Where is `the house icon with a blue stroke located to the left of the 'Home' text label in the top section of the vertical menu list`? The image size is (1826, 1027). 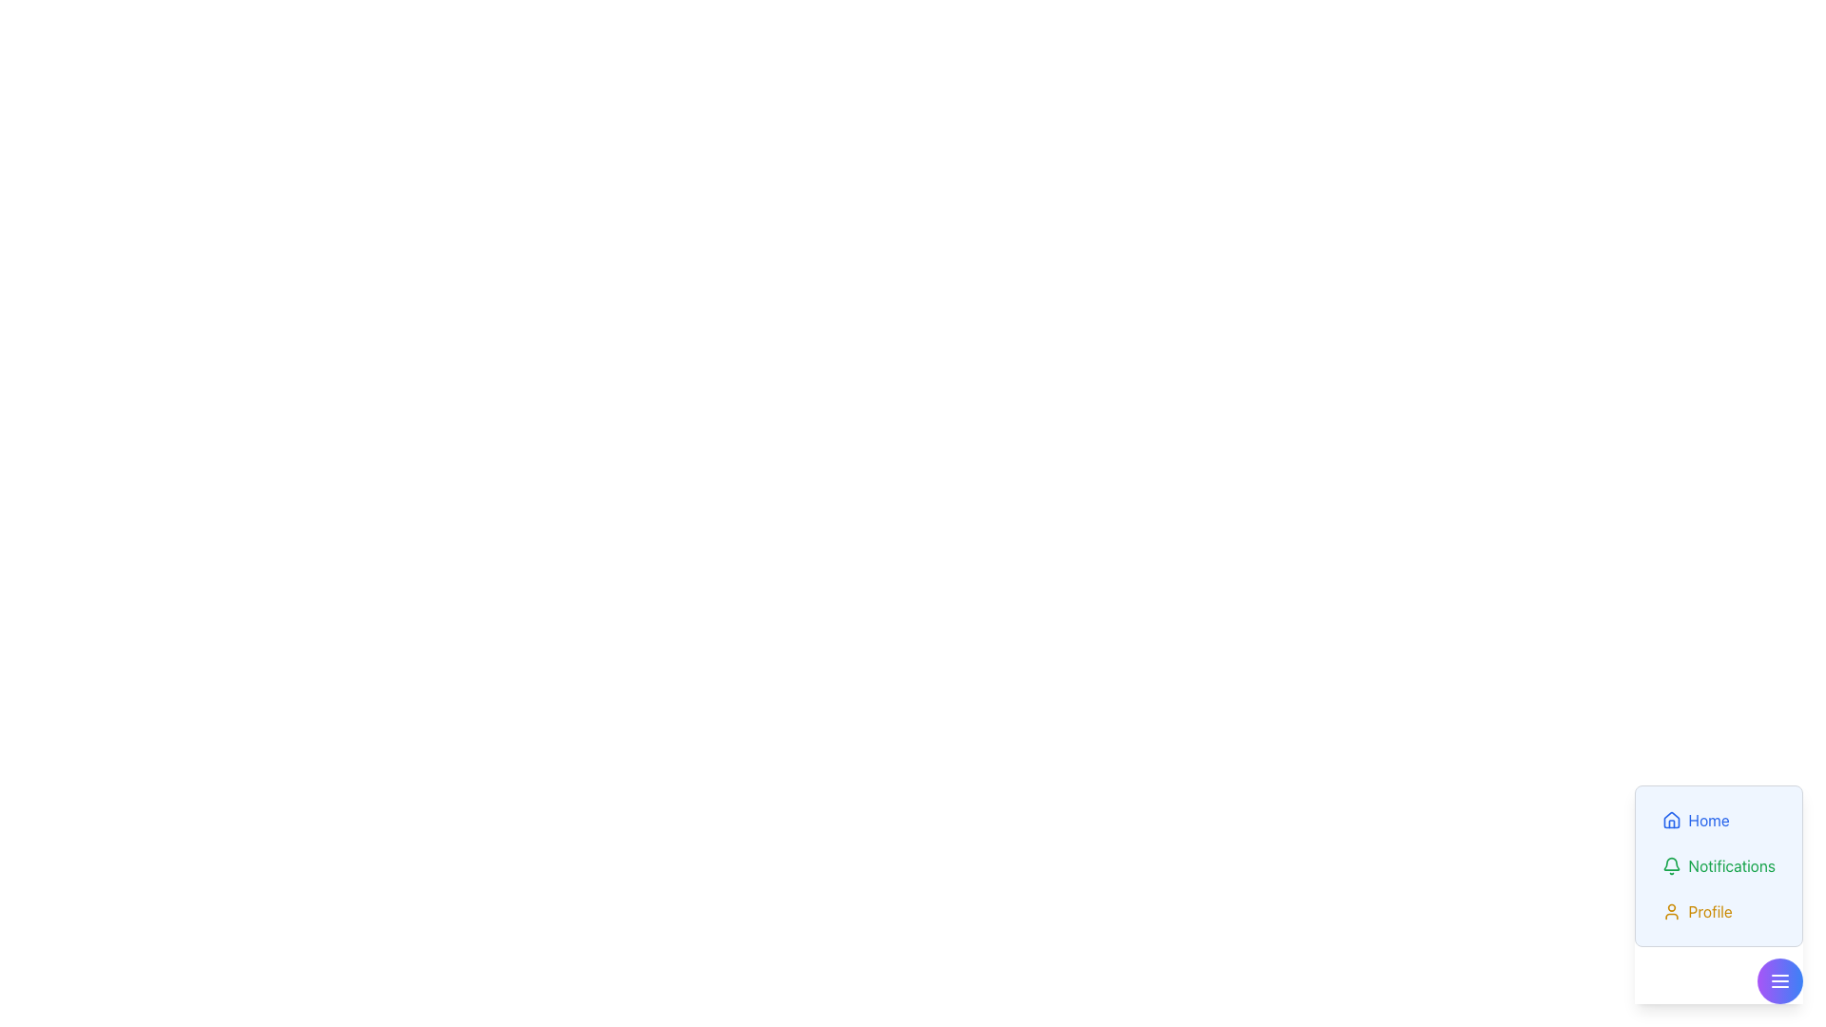 the house icon with a blue stroke located to the left of the 'Home' text label in the top section of the vertical menu list is located at coordinates (1670, 820).